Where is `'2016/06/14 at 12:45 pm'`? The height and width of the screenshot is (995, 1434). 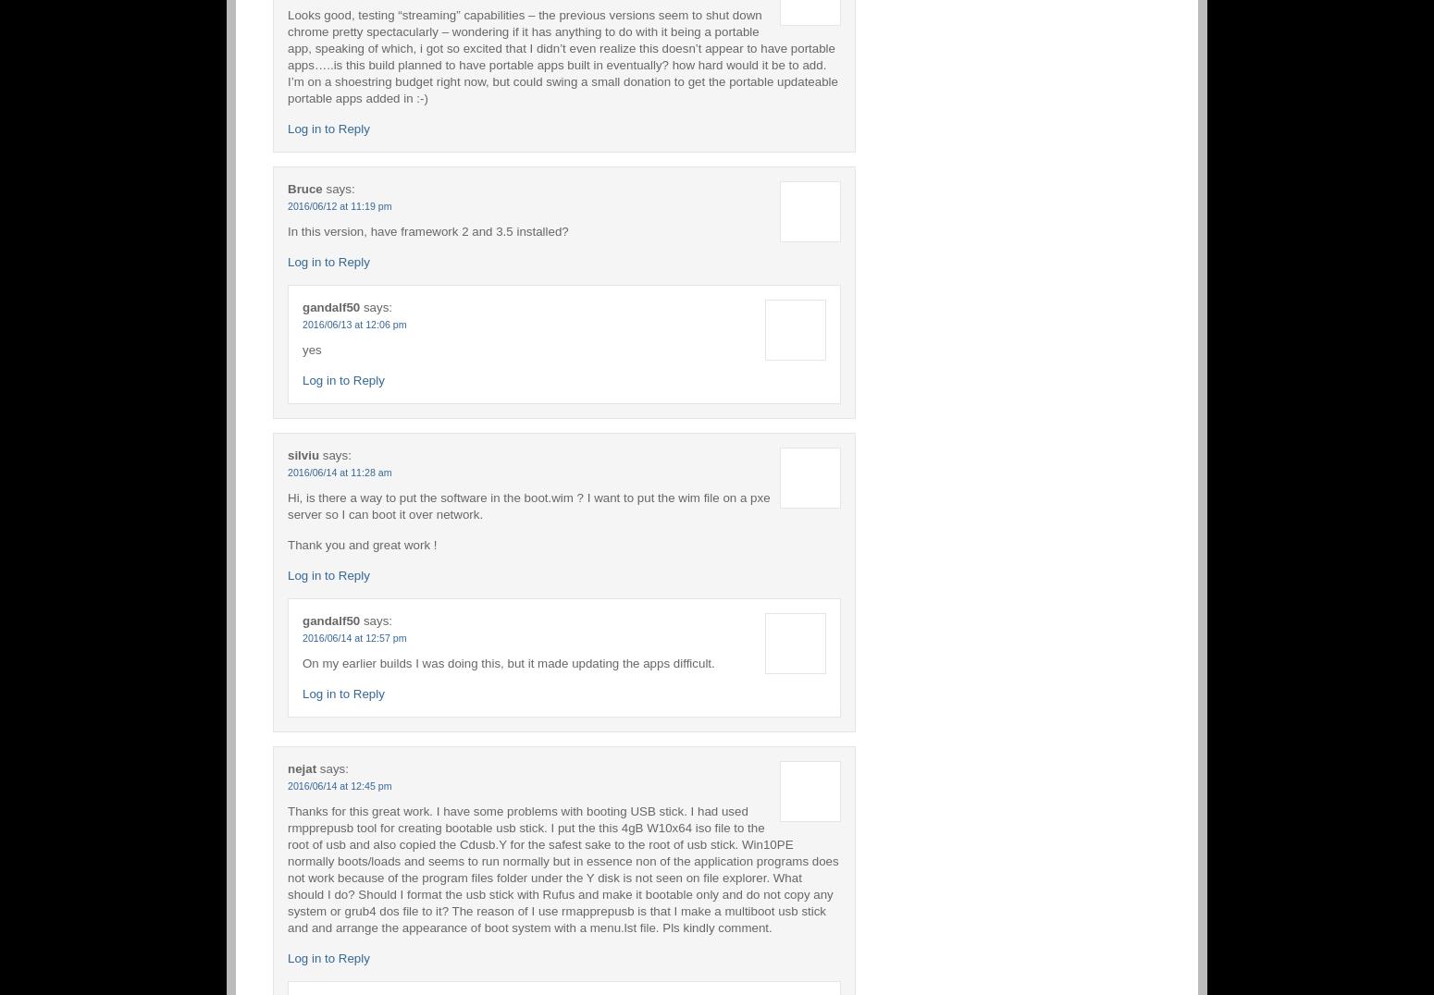
'2016/06/14 at 12:45 pm' is located at coordinates (339, 783).